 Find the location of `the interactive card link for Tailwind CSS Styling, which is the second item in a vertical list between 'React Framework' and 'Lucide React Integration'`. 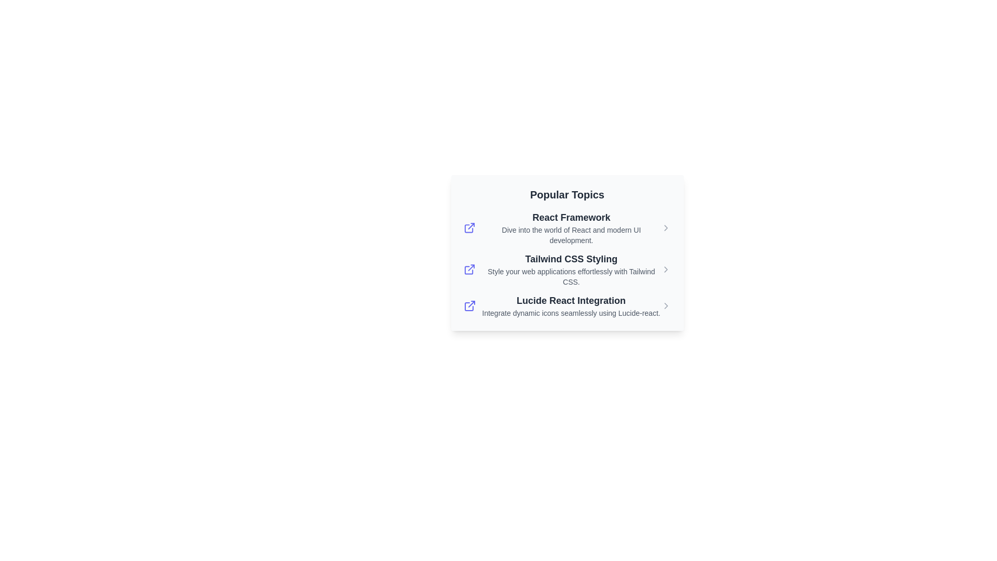

the interactive card link for Tailwind CSS Styling, which is the second item in a vertical list between 'React Framework' and 'Lucide React Integration' is located at coordinates (567, 269).